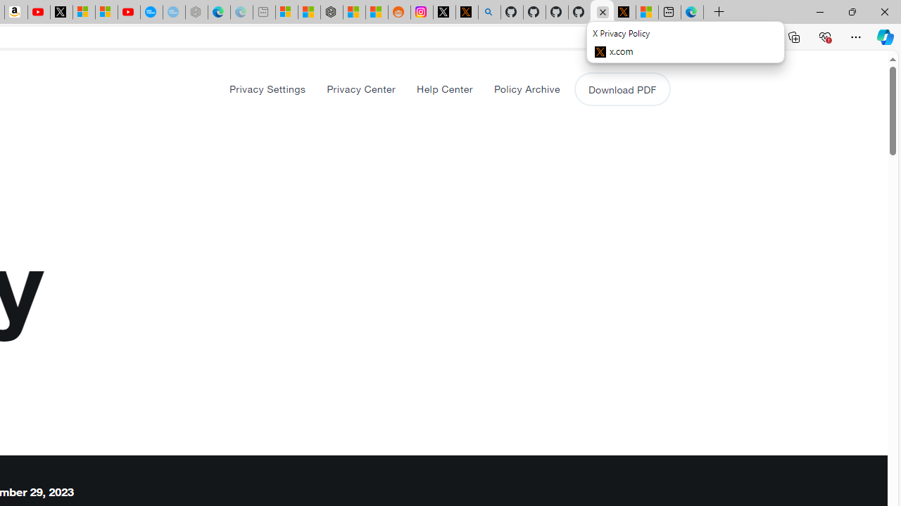 This screenshot has width=901, height=506. What do you see at coordinates (361, 89) in the screenshot?
I see `'Privacy Center'` at bounding box center [361, 89].